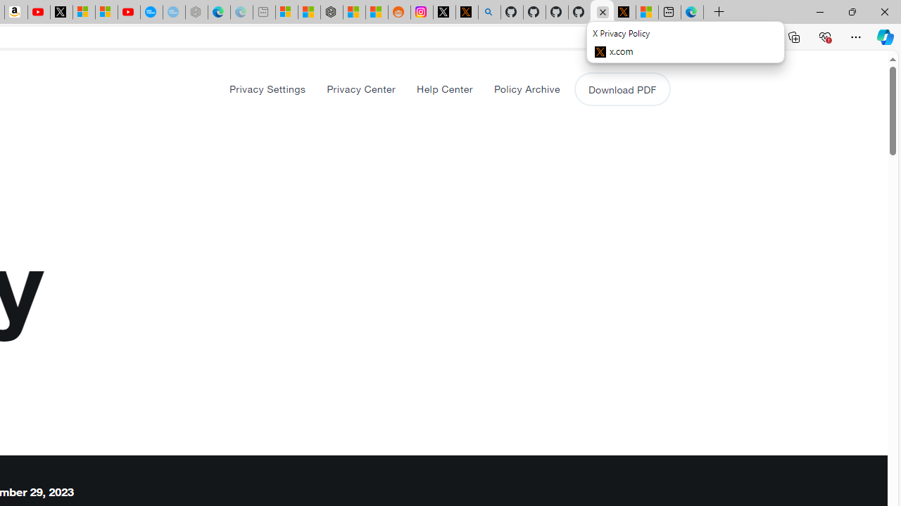 This screenshot has width=901, height=506. What do you see at coordinates (361, 89) in the screenshot?
I see `'Privacy Center'` at bounding box center [361, 89].